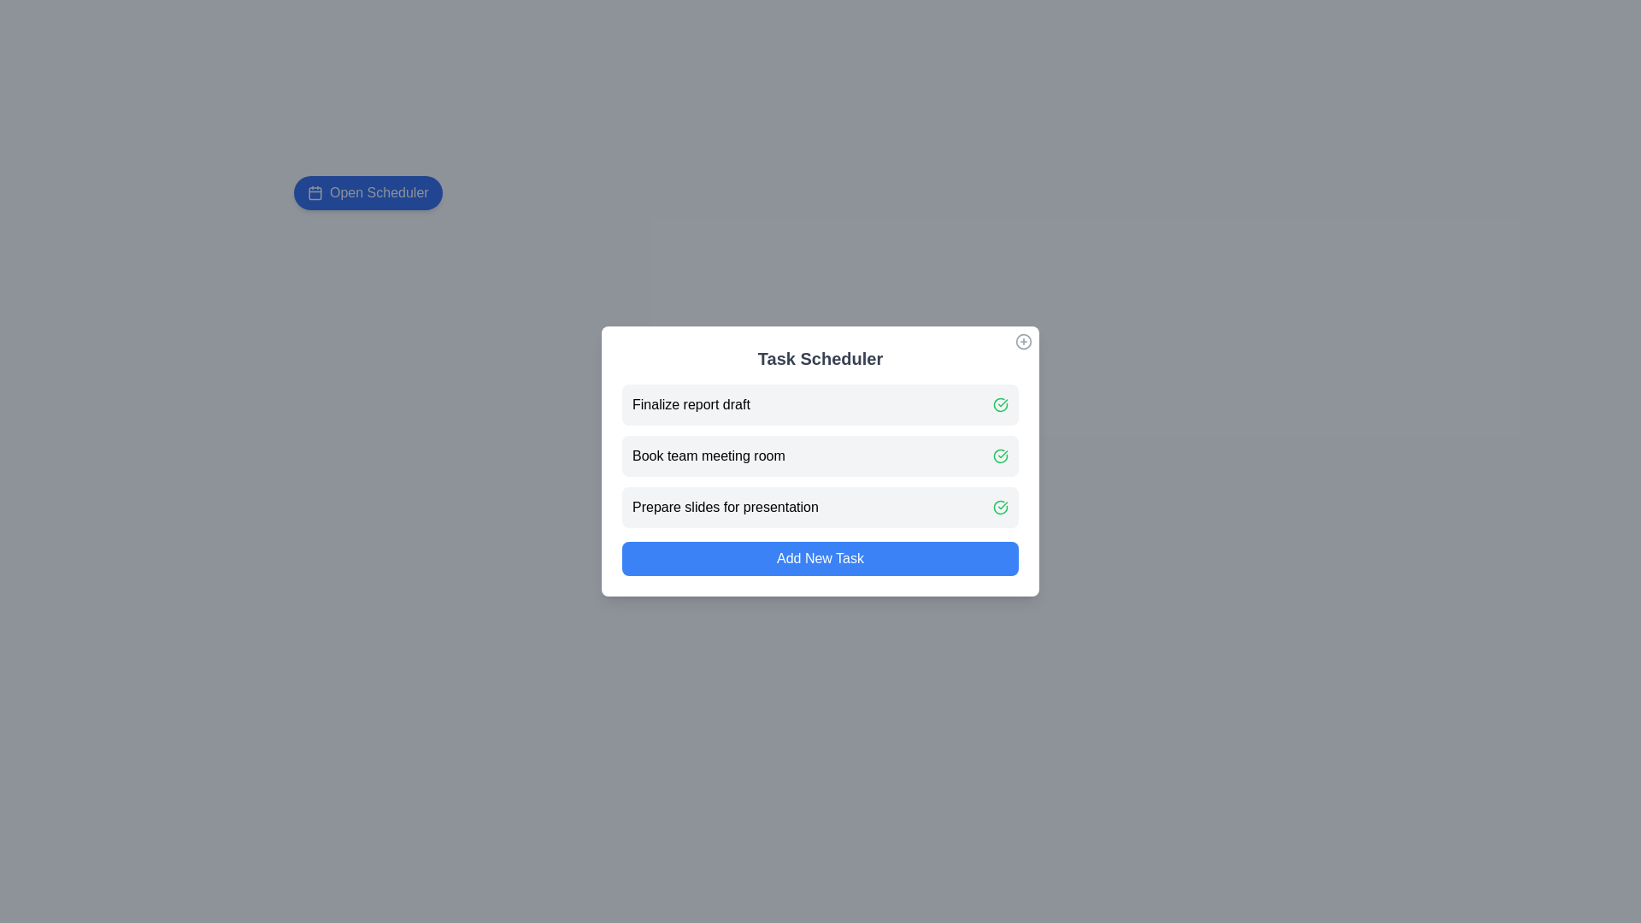 The image size is (1641, 923). Describe the element at coordinates (1001, 455) in the screenshot. I see `the green circle checkmark SVG icon located beside the text 'Book team meeting room' in the second item of the 'Task Scheduler' list` at that location.